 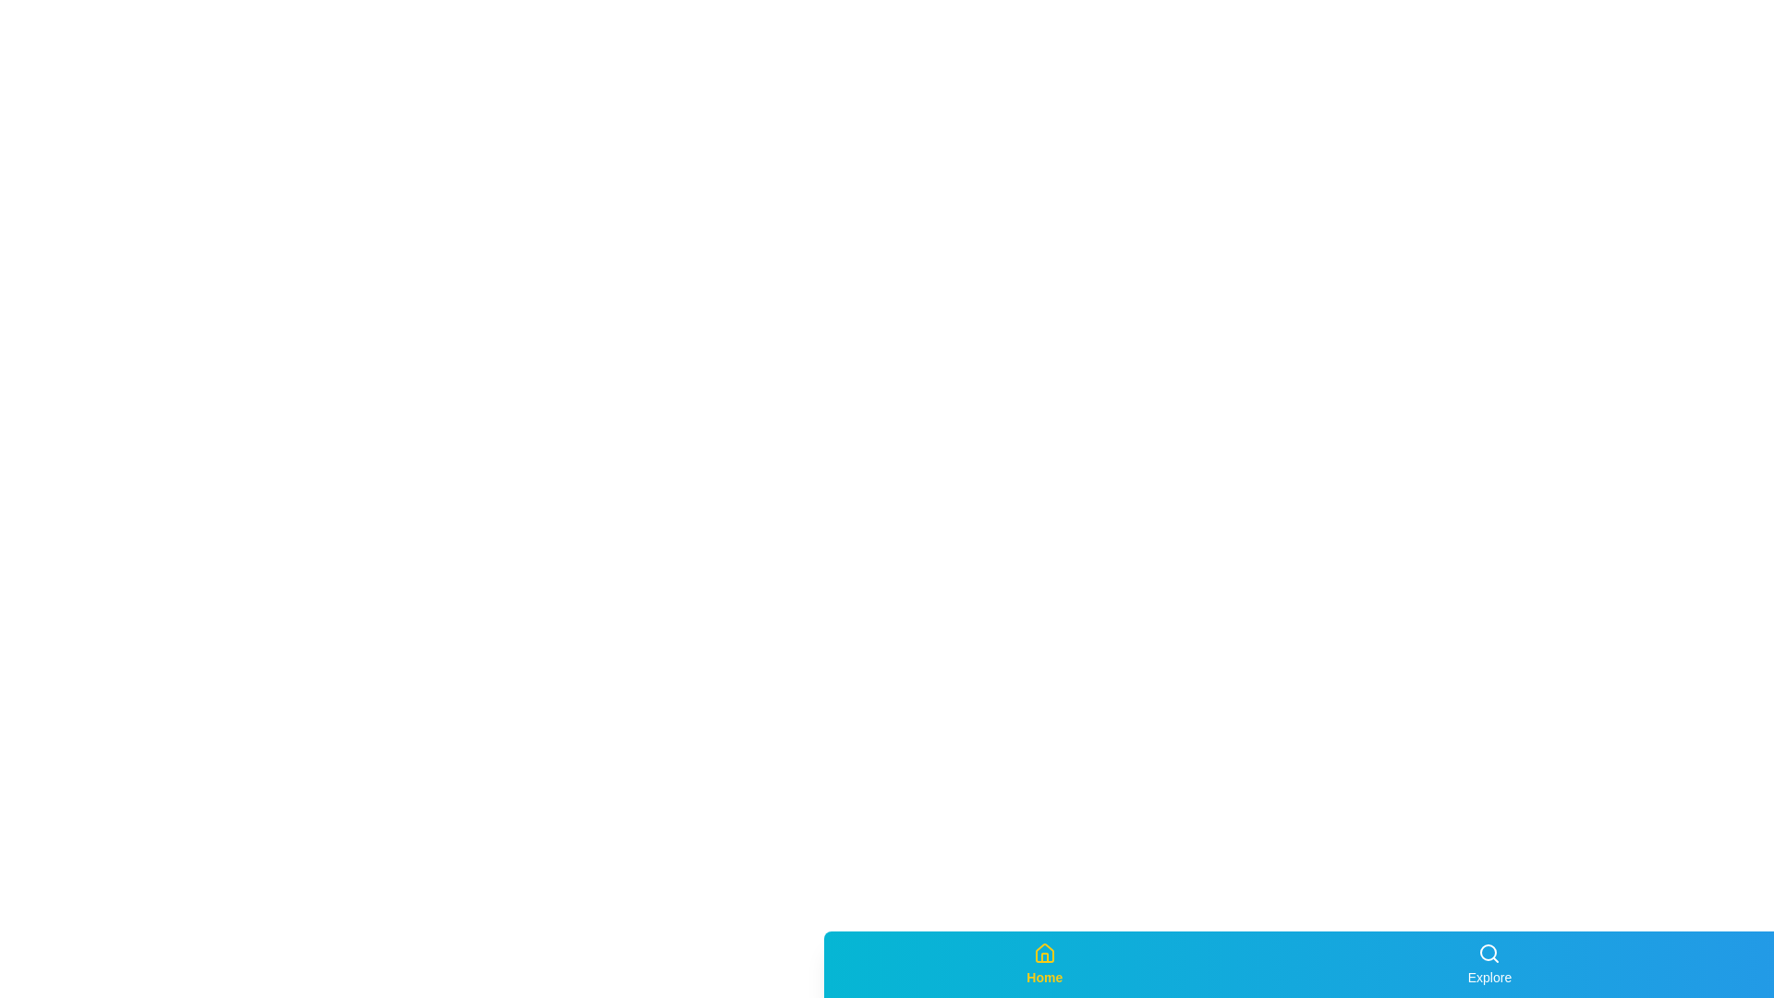 I want to click on the Explore tab in the bottom navigation bar, so click(x=1489, y=964).